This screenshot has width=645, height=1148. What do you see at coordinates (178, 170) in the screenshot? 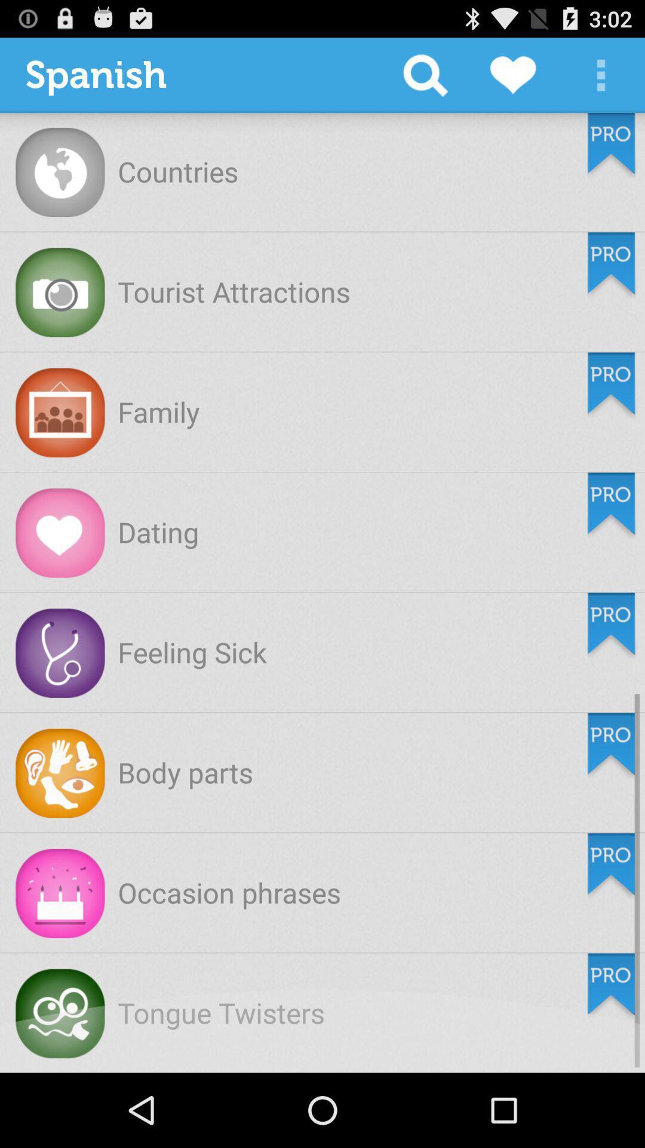
I see `countries icon` at bounding box center [178, 170].